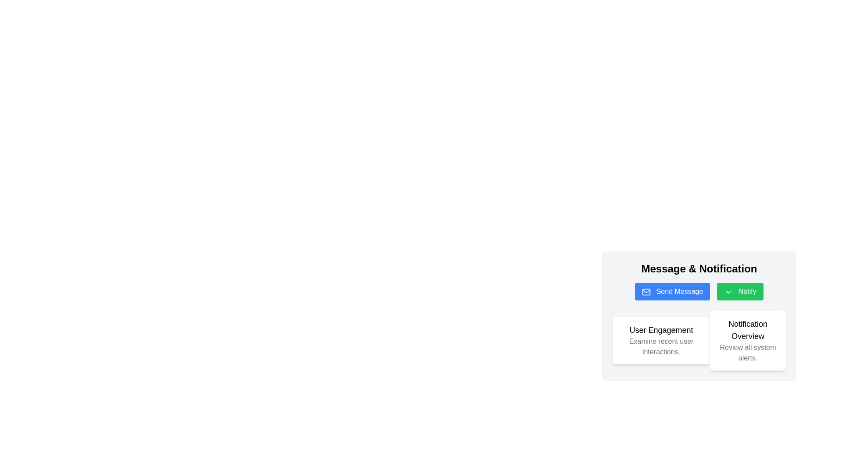 This screenshot has width=842, height=473. I want to click on the blue envelope icon next to the 'Send Message' button under 'Message & Notification', so click(646, 292).